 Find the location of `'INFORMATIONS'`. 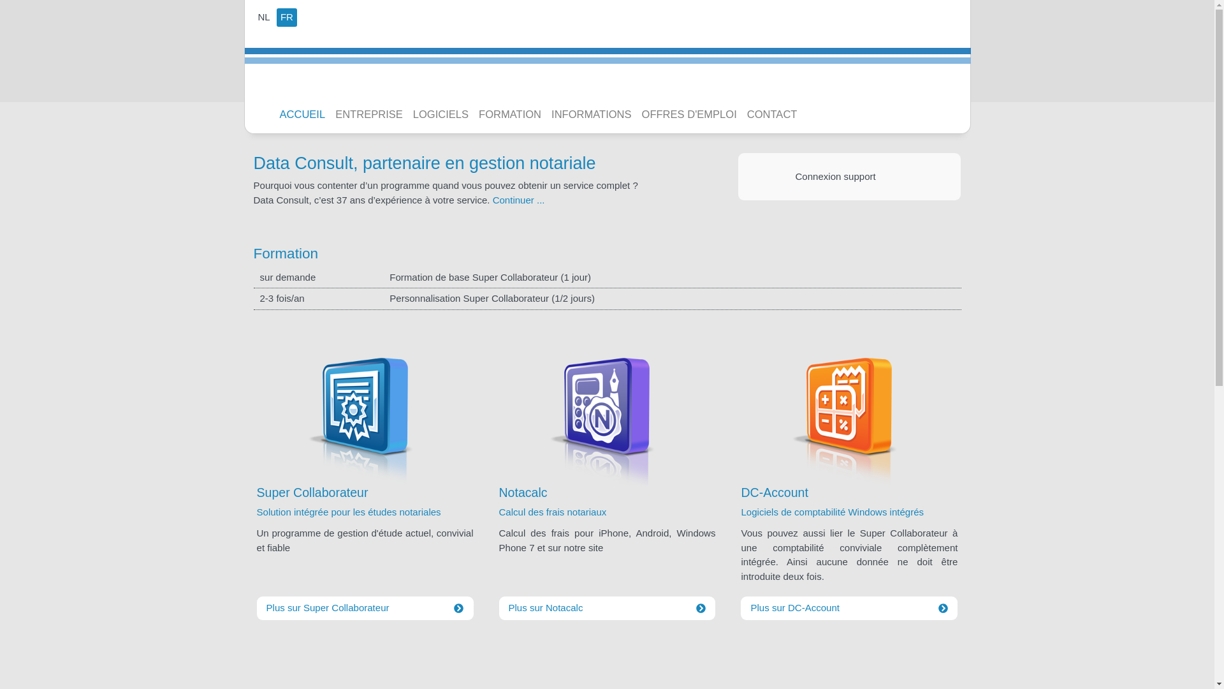

'INFORMATIONS' is located at coordinates (590, 115).